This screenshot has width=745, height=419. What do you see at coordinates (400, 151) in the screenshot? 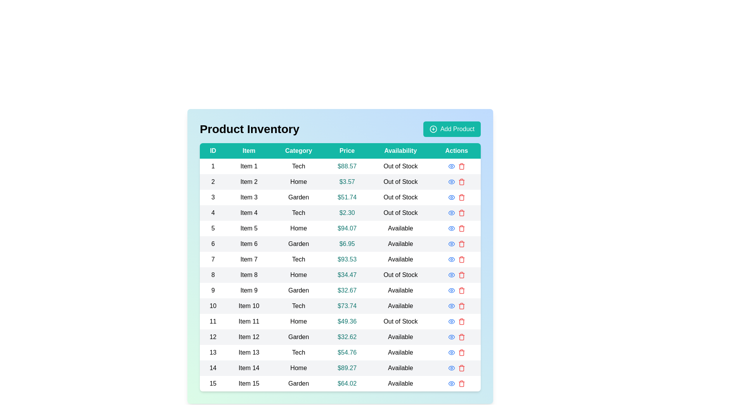
I see `the Availability header to sort the table by that column` at bounding box center [400, 151].